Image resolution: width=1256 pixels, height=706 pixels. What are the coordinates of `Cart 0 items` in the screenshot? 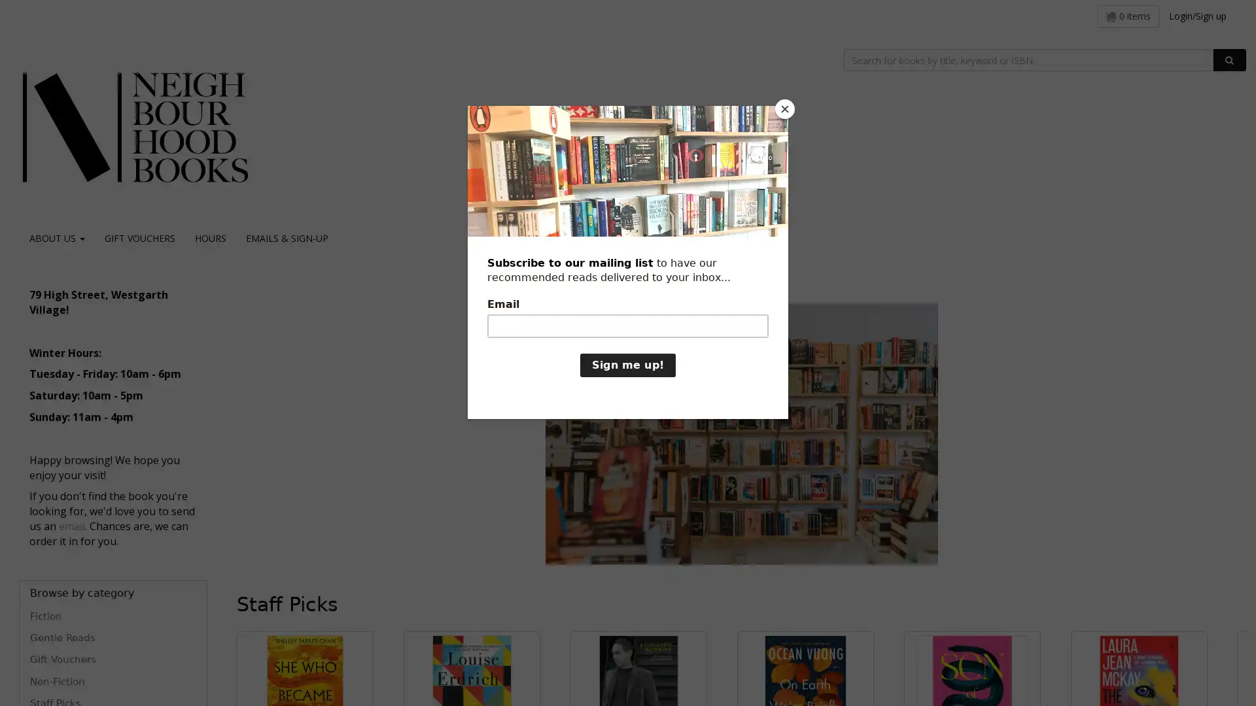 It's located at (1127, 16).